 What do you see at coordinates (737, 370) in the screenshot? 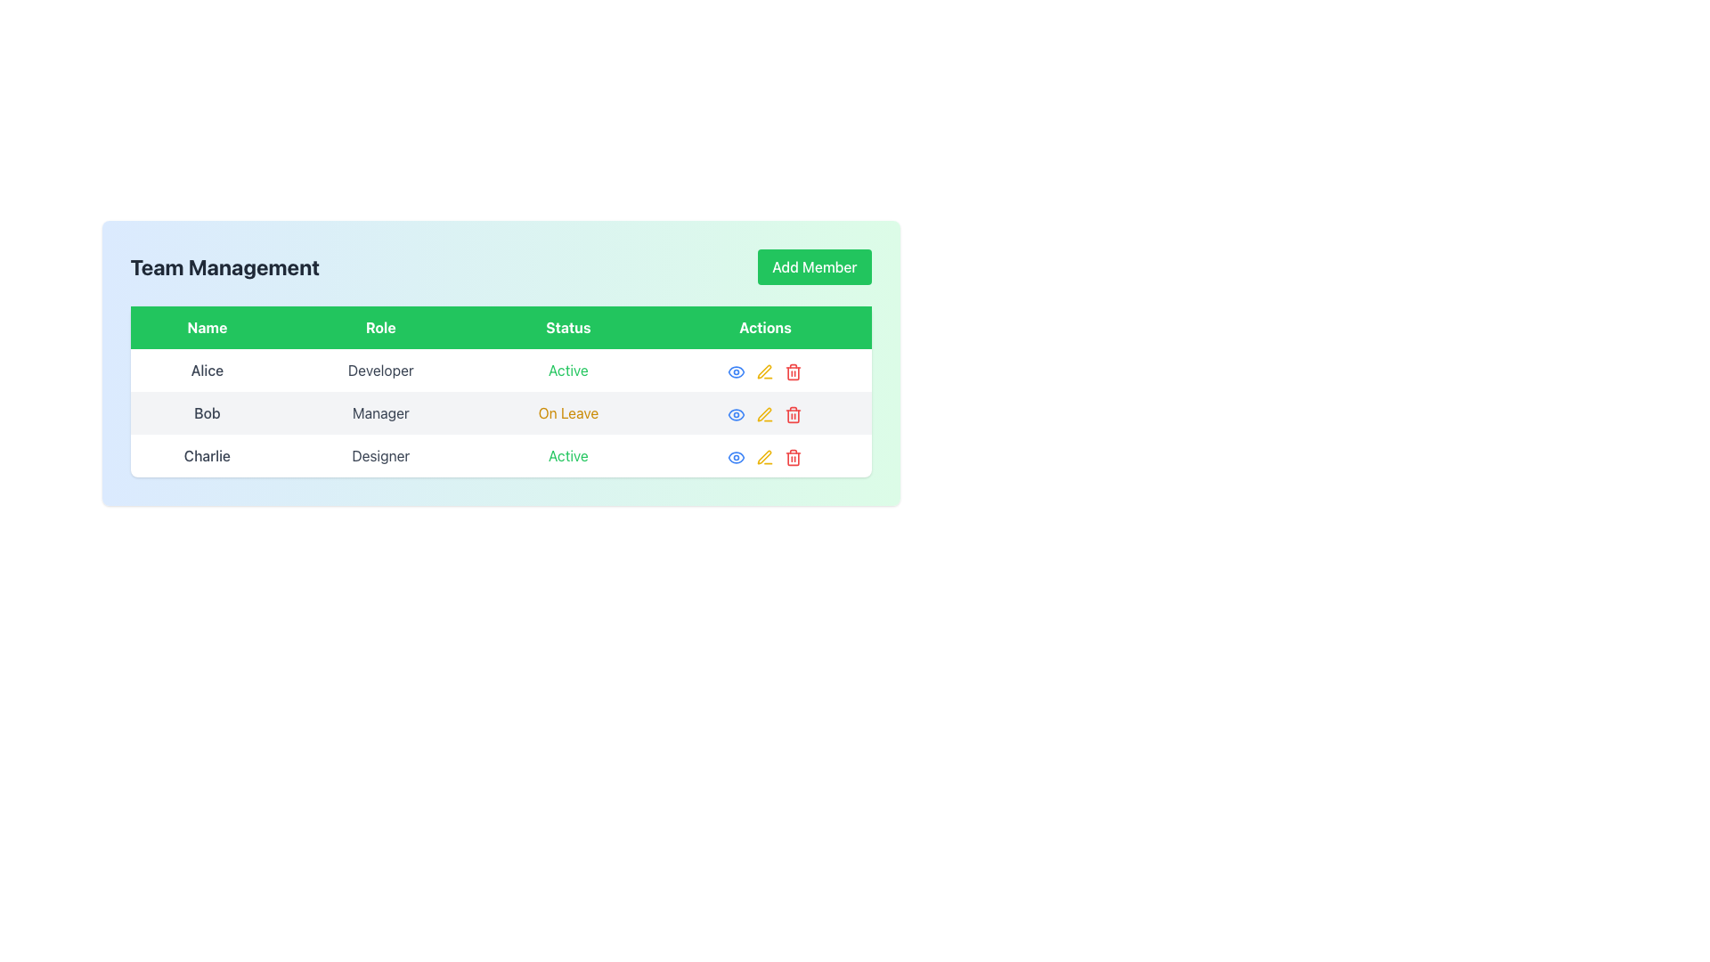
I see `the eye-shaped icon button in the 'Actions' column of the row related to 'Alice'` at bounding box center [737, 370].